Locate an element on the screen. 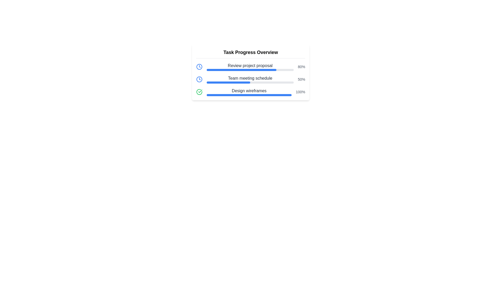 Image resolution: width=503 pixels, height=283 pixels. the Text Label with Progress Bar displaying 'Design wireframes', which is the third item in the task progress overview is located at coordinates (249, 92).